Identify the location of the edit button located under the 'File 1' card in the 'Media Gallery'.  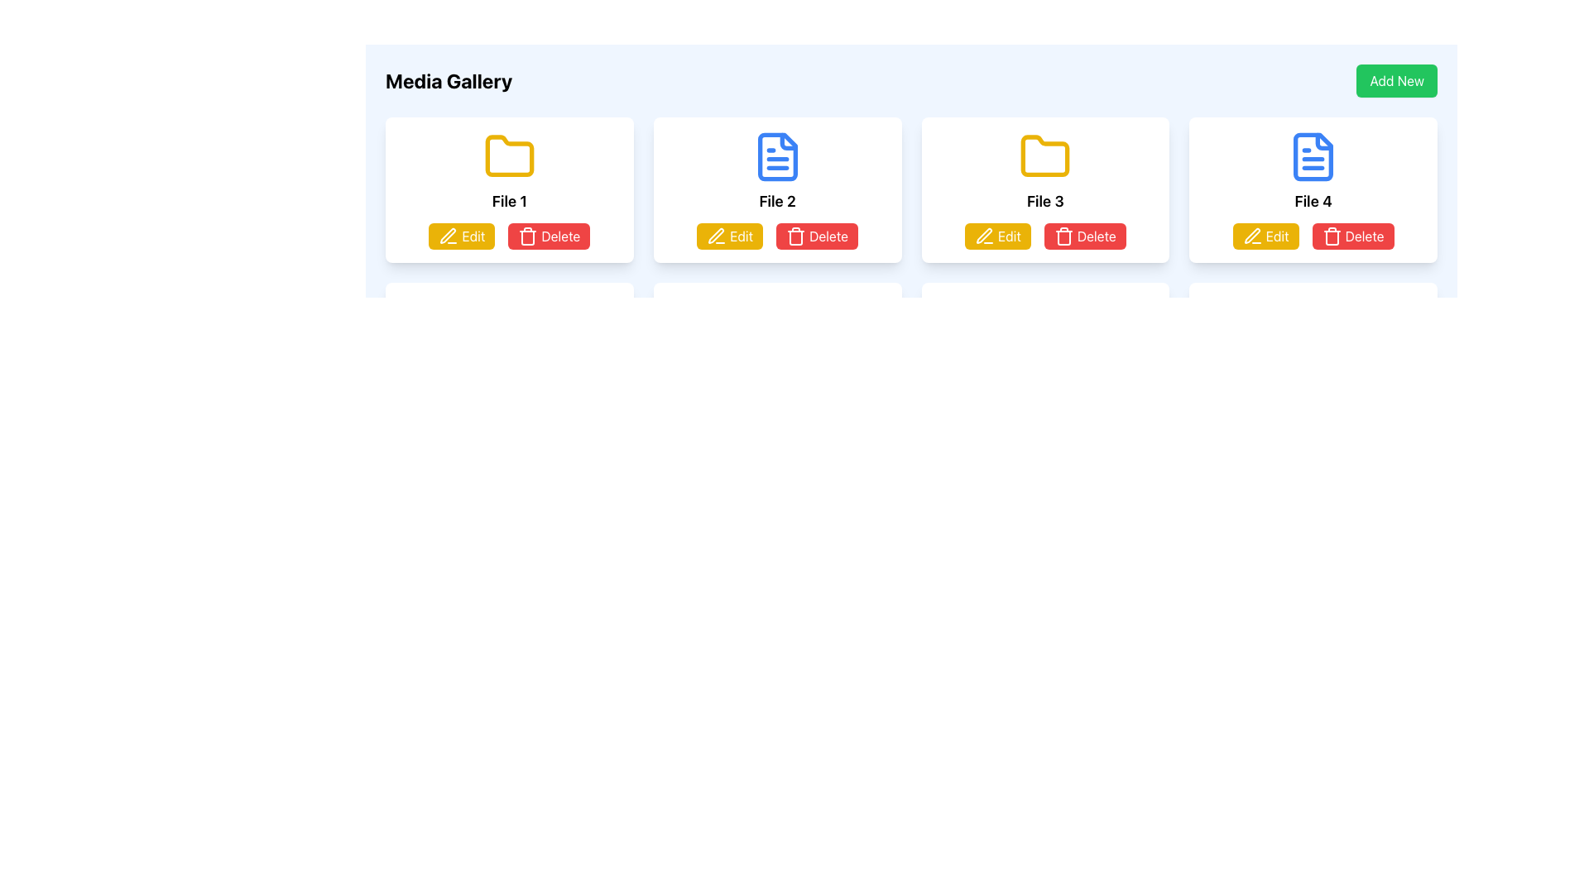
(462, 236).